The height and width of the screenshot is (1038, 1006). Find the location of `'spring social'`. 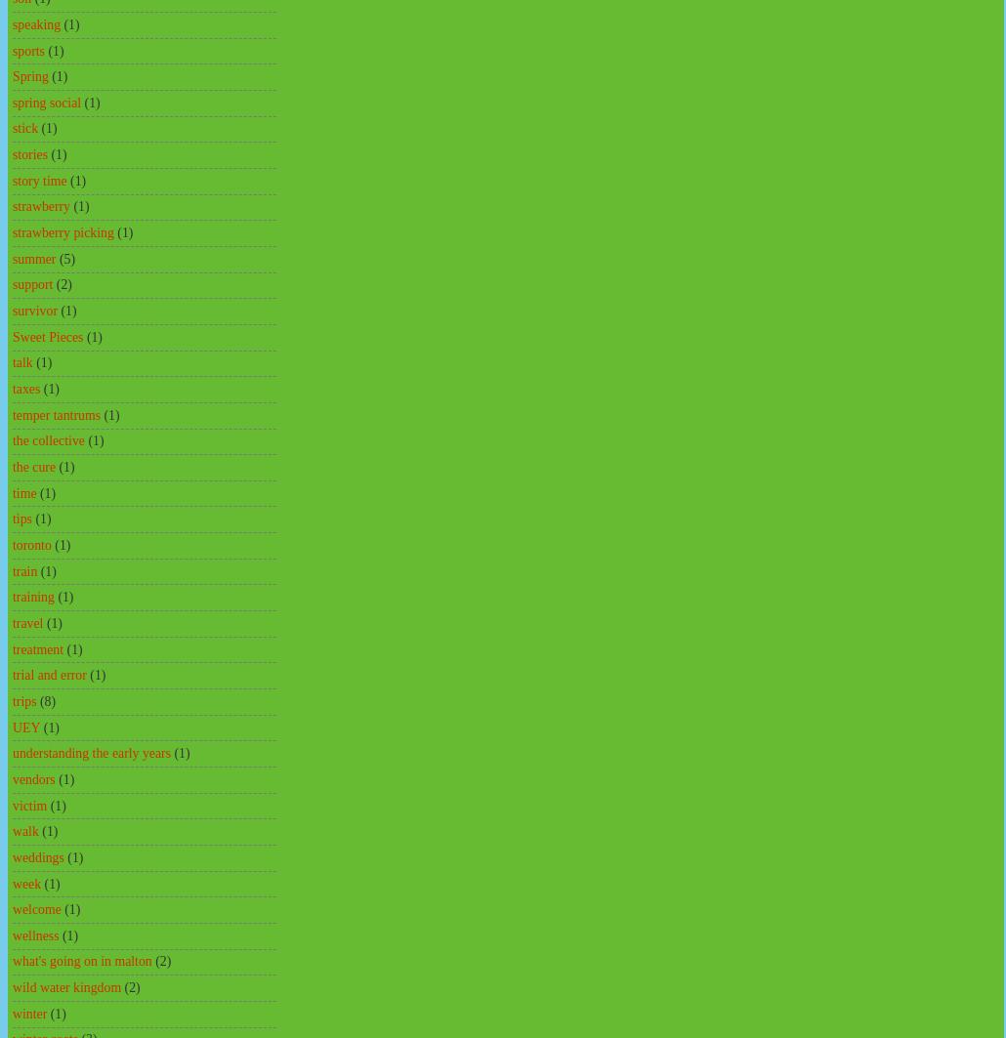

'spring social' is located at coordinates (46, 102).